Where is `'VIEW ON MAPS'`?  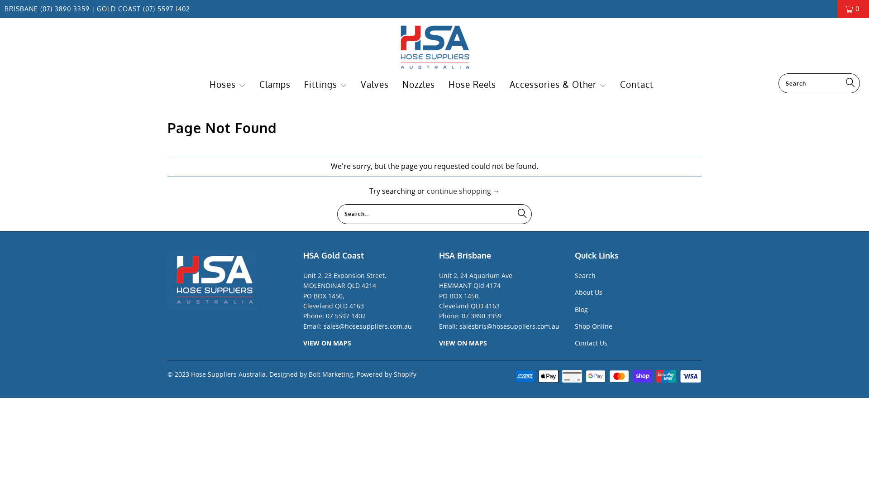 'VIEW ON MAPS' is located at coordinates (327, 343).